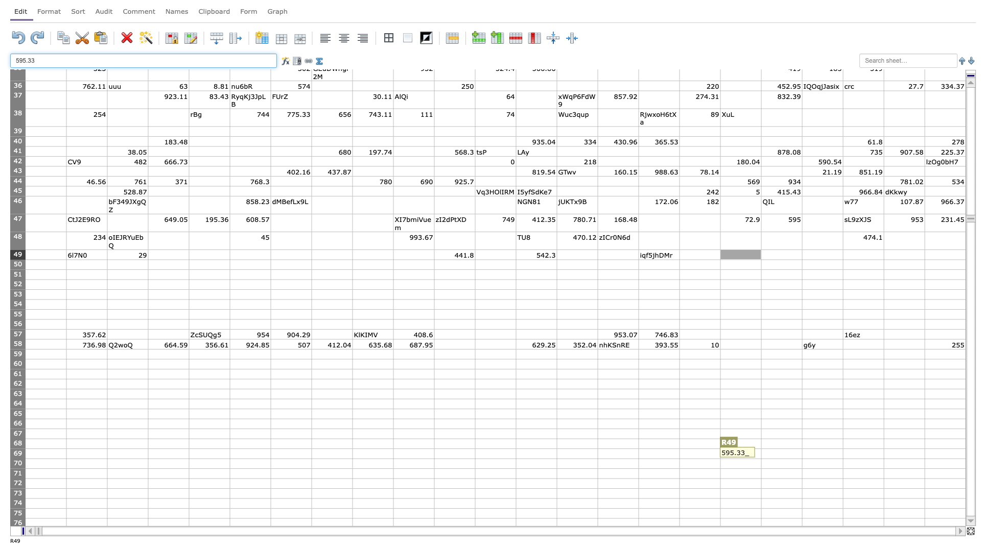 The height and width of the screenshot is (551, 981). I want to click on bottom right corner of S69, so click(801, 458).